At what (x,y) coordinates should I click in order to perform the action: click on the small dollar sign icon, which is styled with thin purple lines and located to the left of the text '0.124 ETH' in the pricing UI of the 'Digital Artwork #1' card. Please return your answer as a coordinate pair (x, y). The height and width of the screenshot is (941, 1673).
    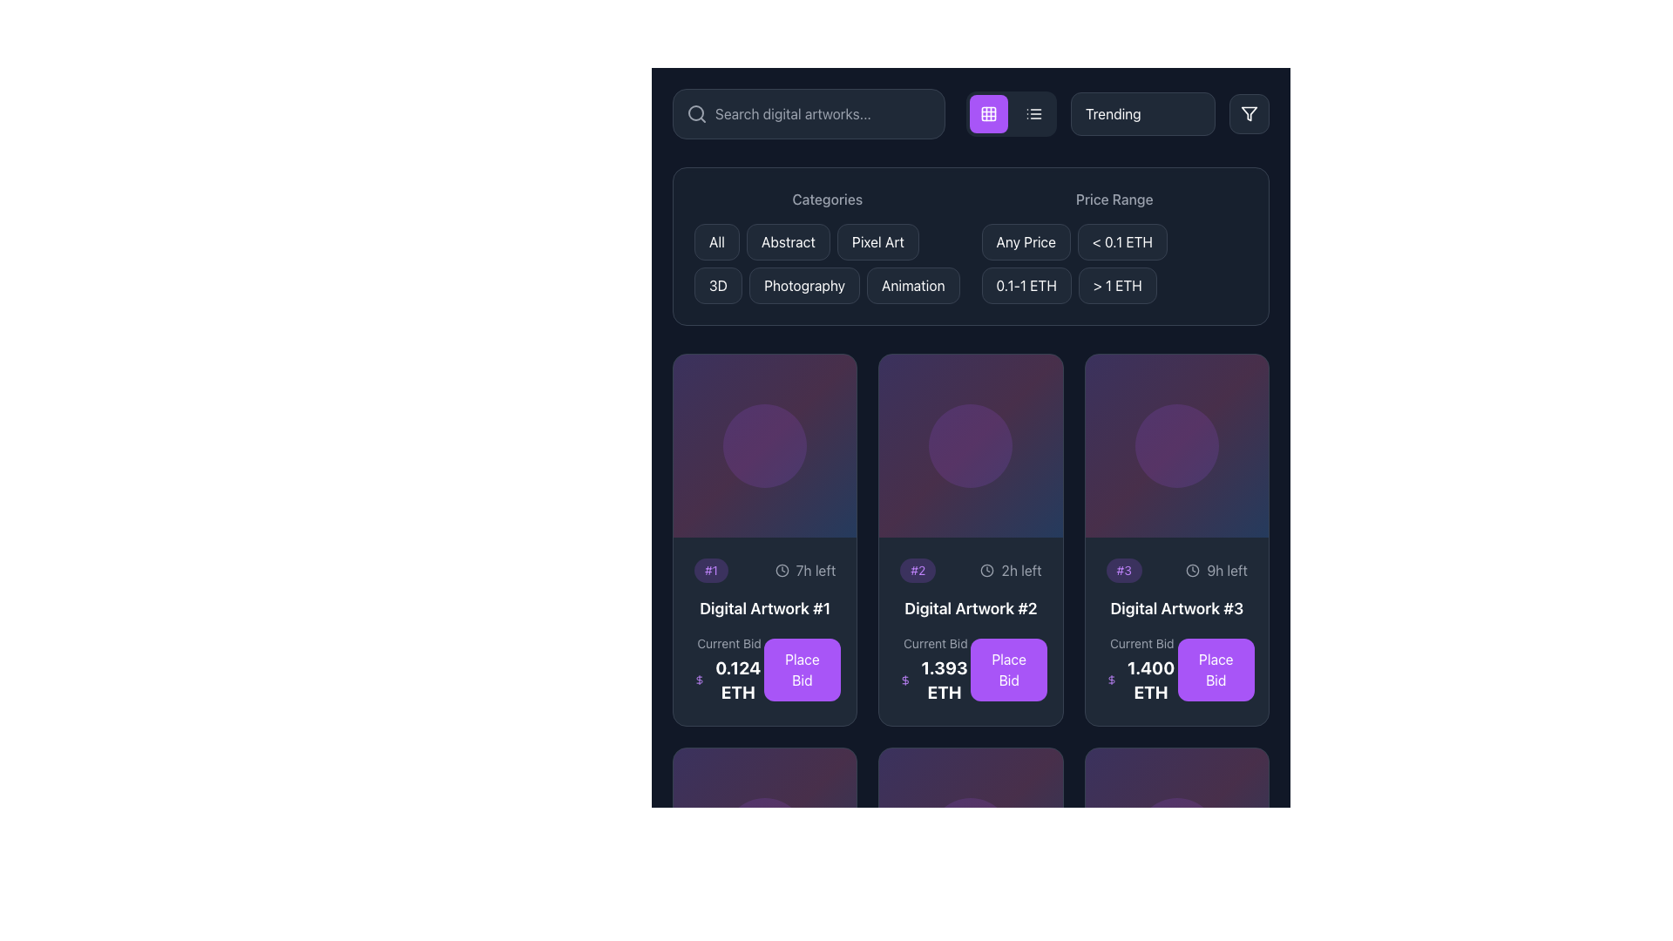
    Looking at the image, I should click on (700, 680).